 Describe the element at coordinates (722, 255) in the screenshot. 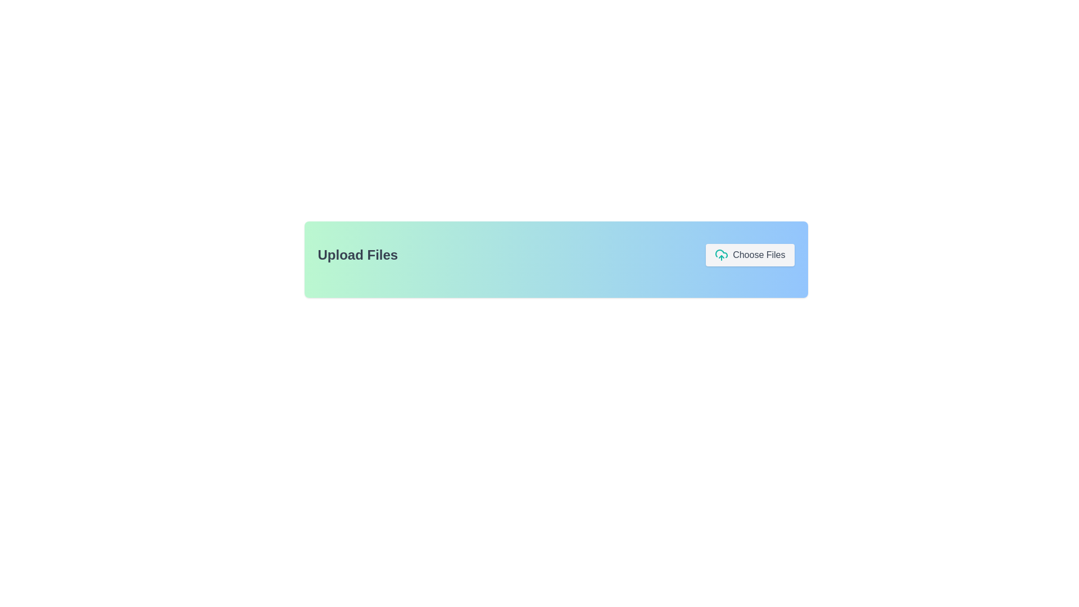

I see `the teal cloud icon with an upward arrow located to the left of the 'Choose Files' text` at that location.